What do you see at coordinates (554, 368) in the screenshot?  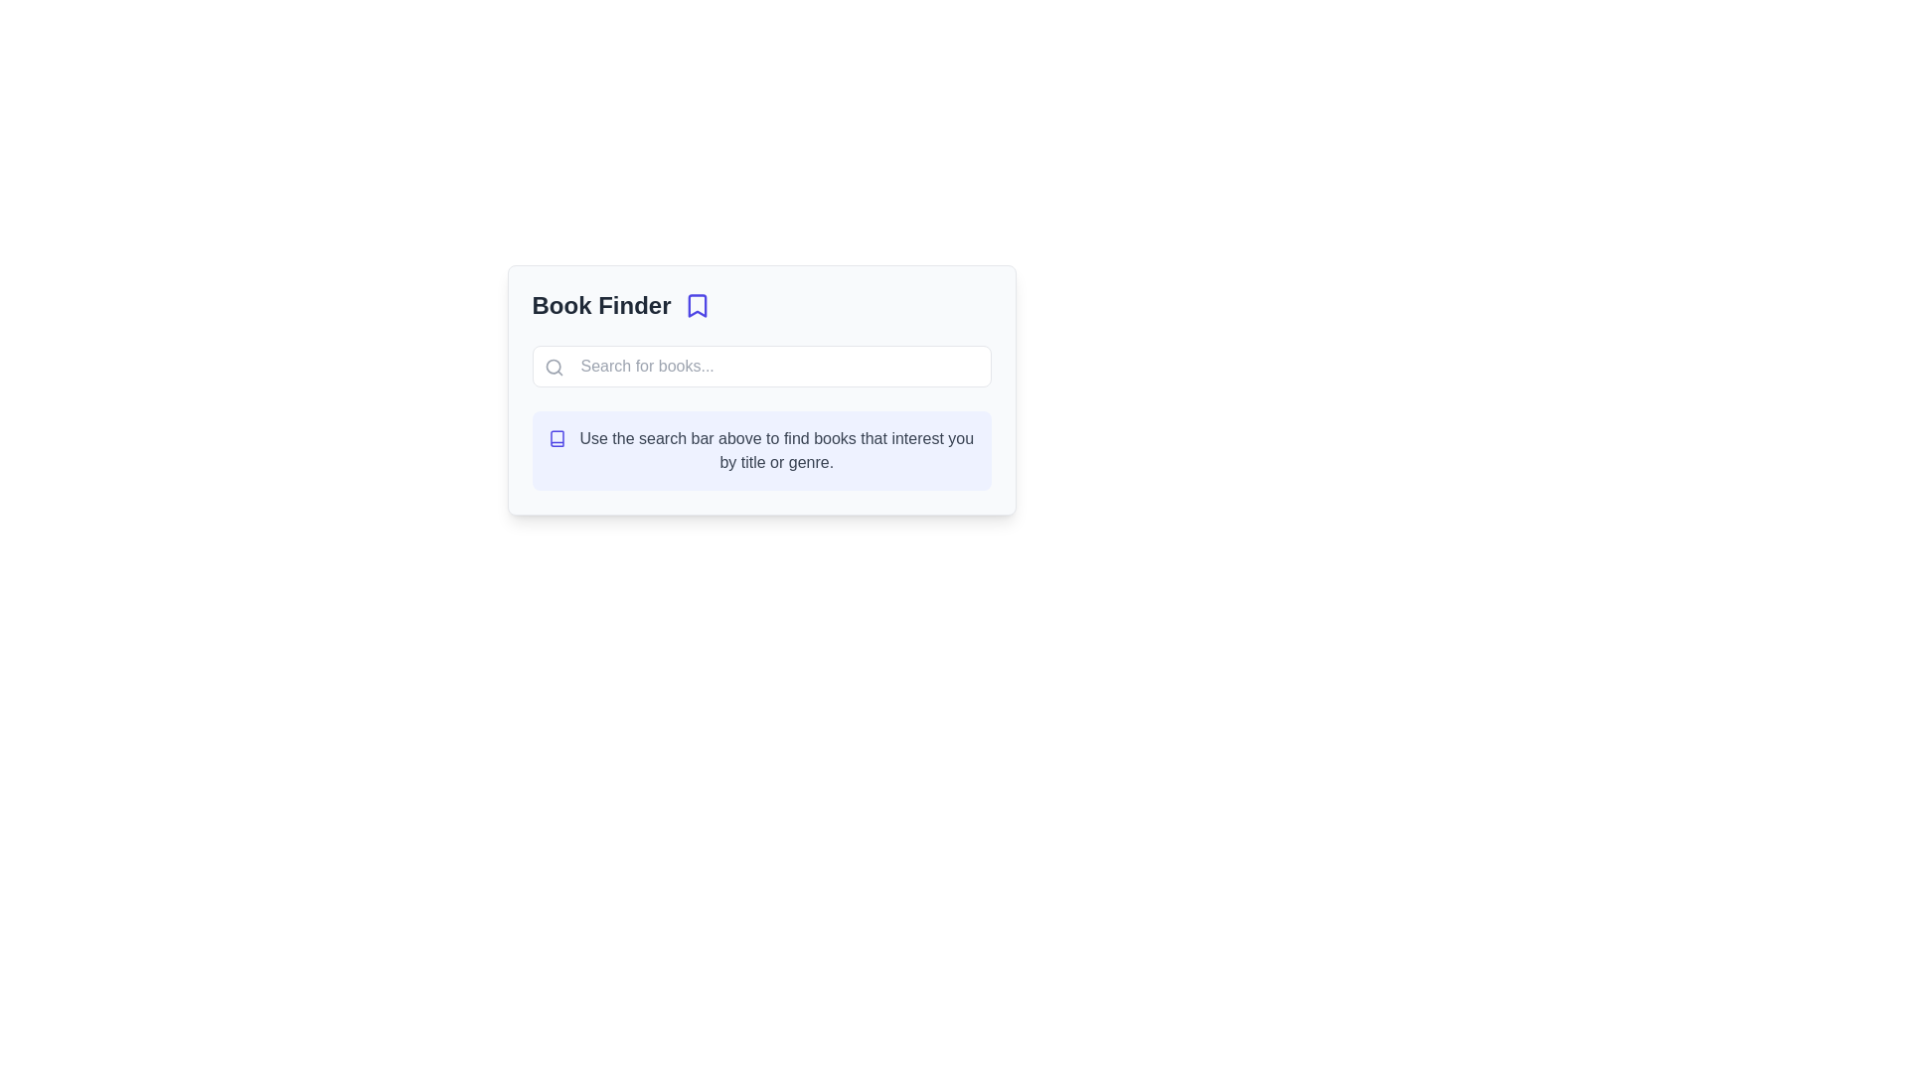 I see `the search icon located on the left side of the search field, near the placeholder text 'Search for books...'` at bounding box center [554, 368].